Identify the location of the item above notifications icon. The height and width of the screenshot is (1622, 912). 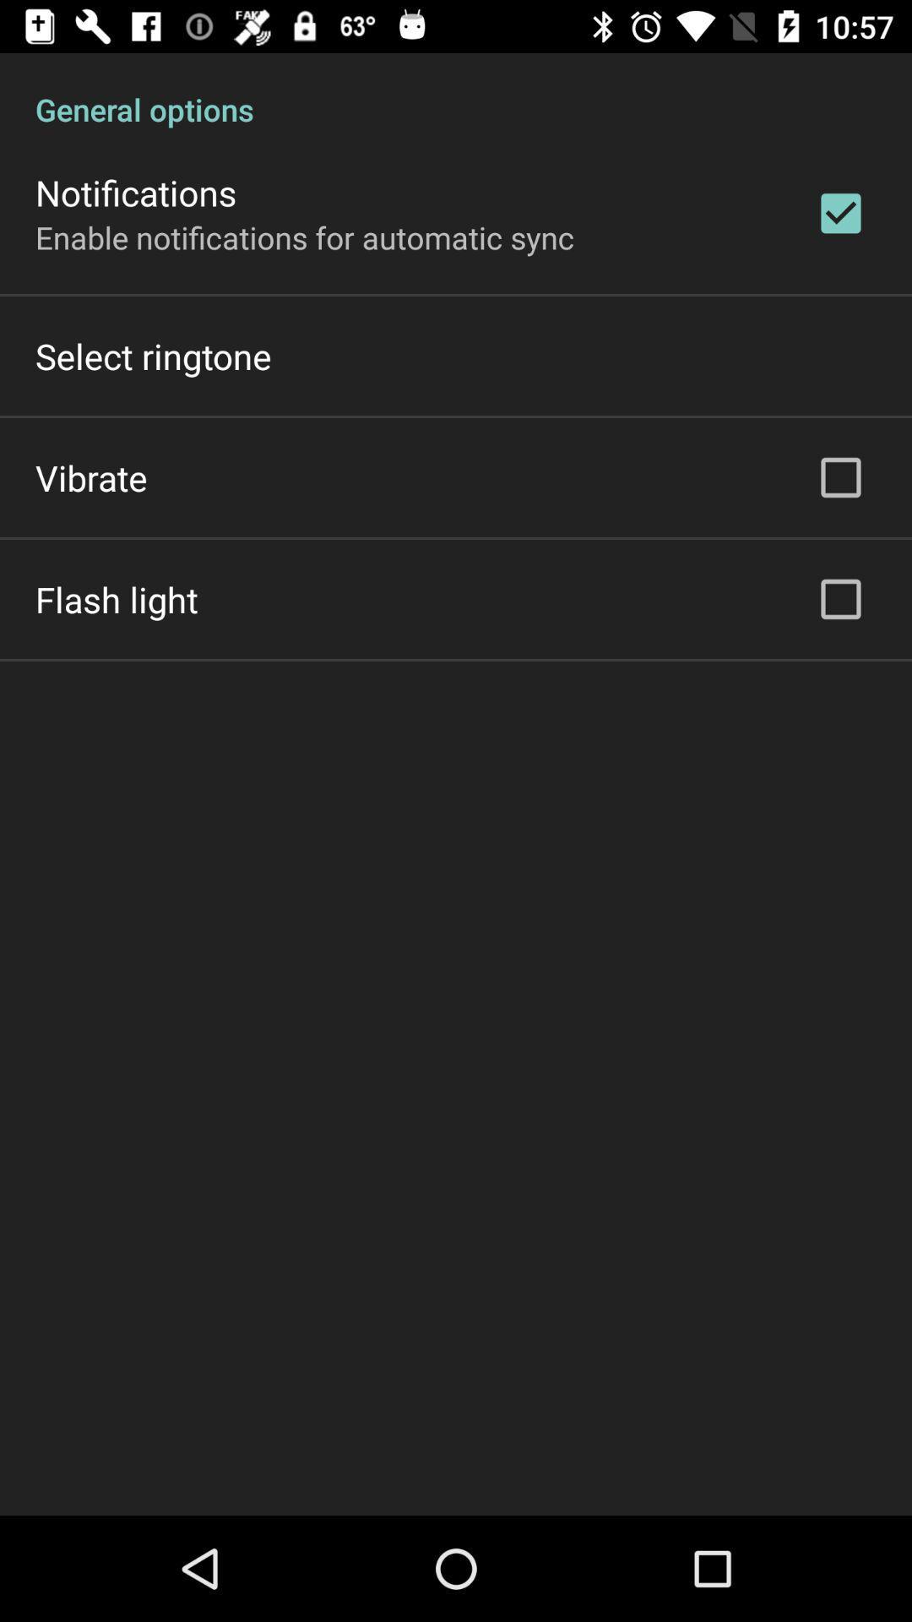
(456, 90).